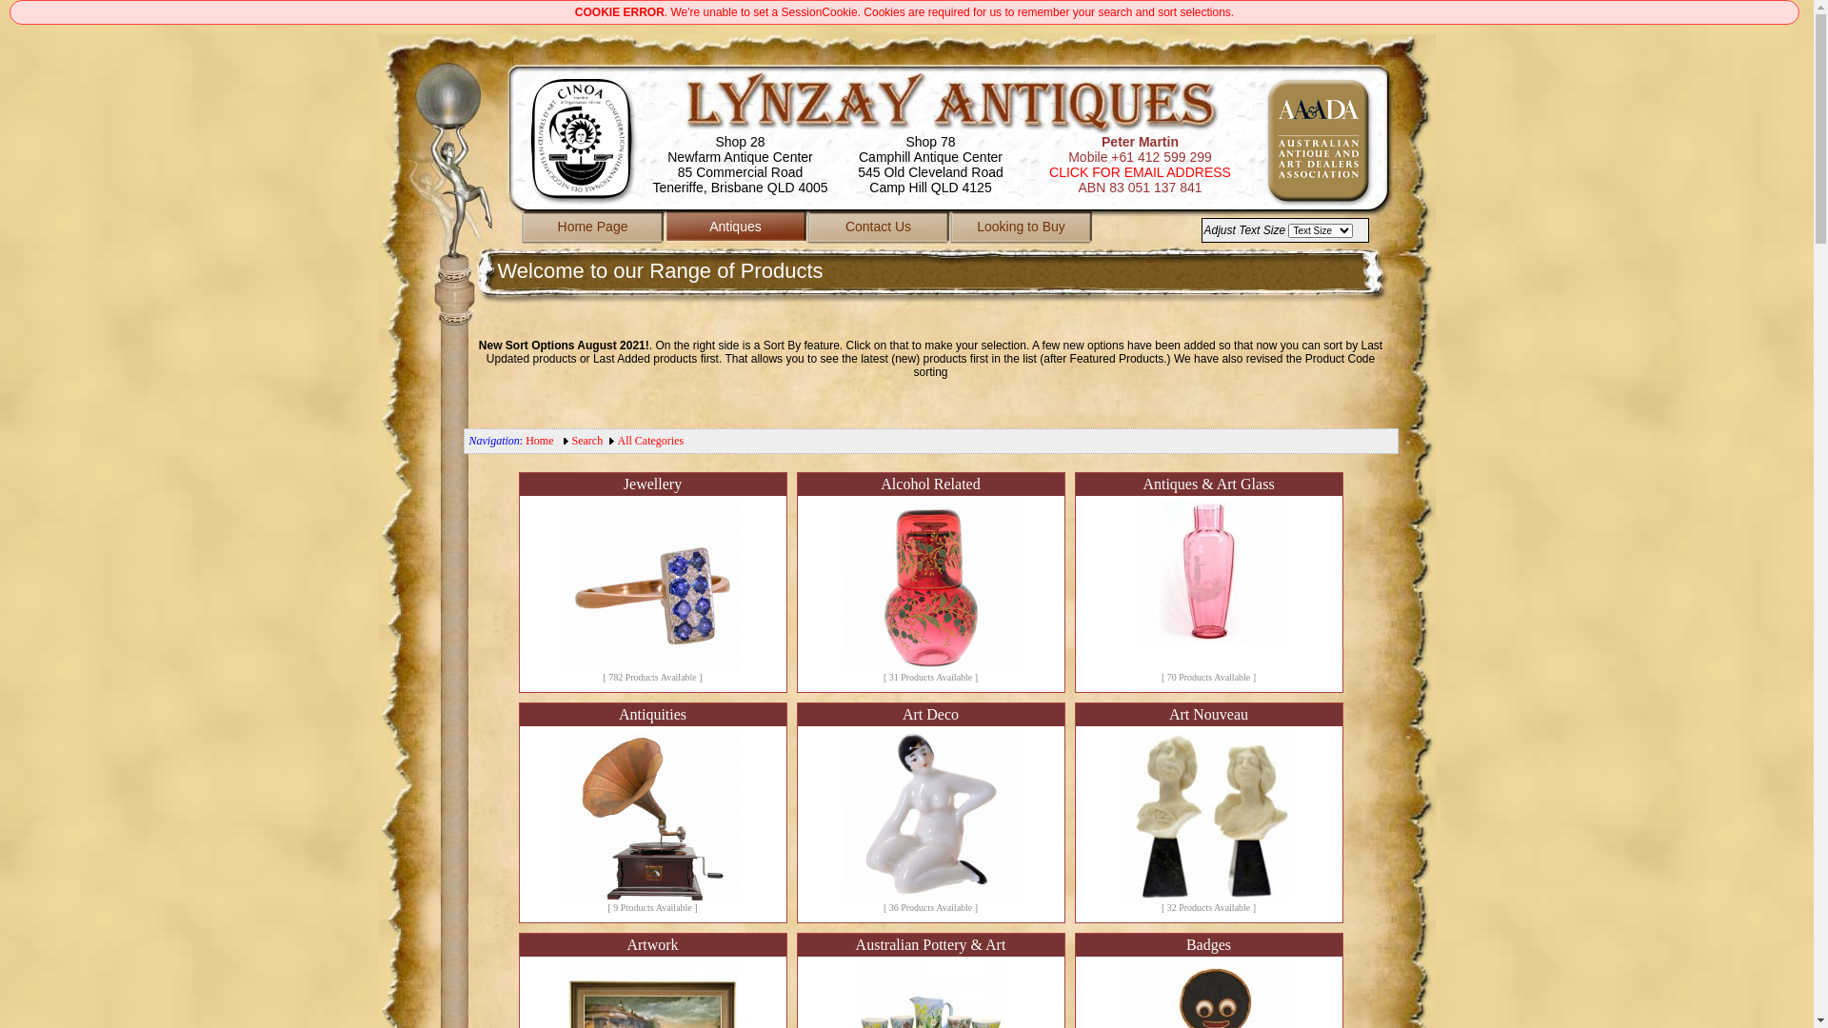 This screenshot has height=1028, width=1828. What do you see at coordinates (1141, 172) in the screenshot?
I see `'CLICK FOR EMAIL ADDRESS'` at bounding box center [1141, 172].